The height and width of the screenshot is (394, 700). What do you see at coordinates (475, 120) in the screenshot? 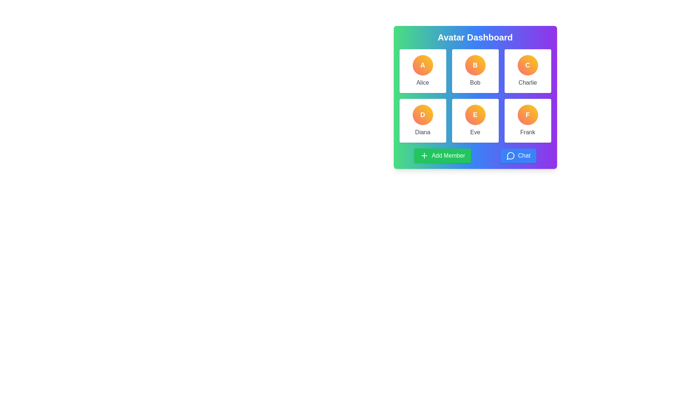
I see `the selectable user profile card featuring an orange circular icon with an 'E' and the name 'Eve' styled in medium gray text, located in the second row and middle column of the grid` at bounding box center [475, 120].